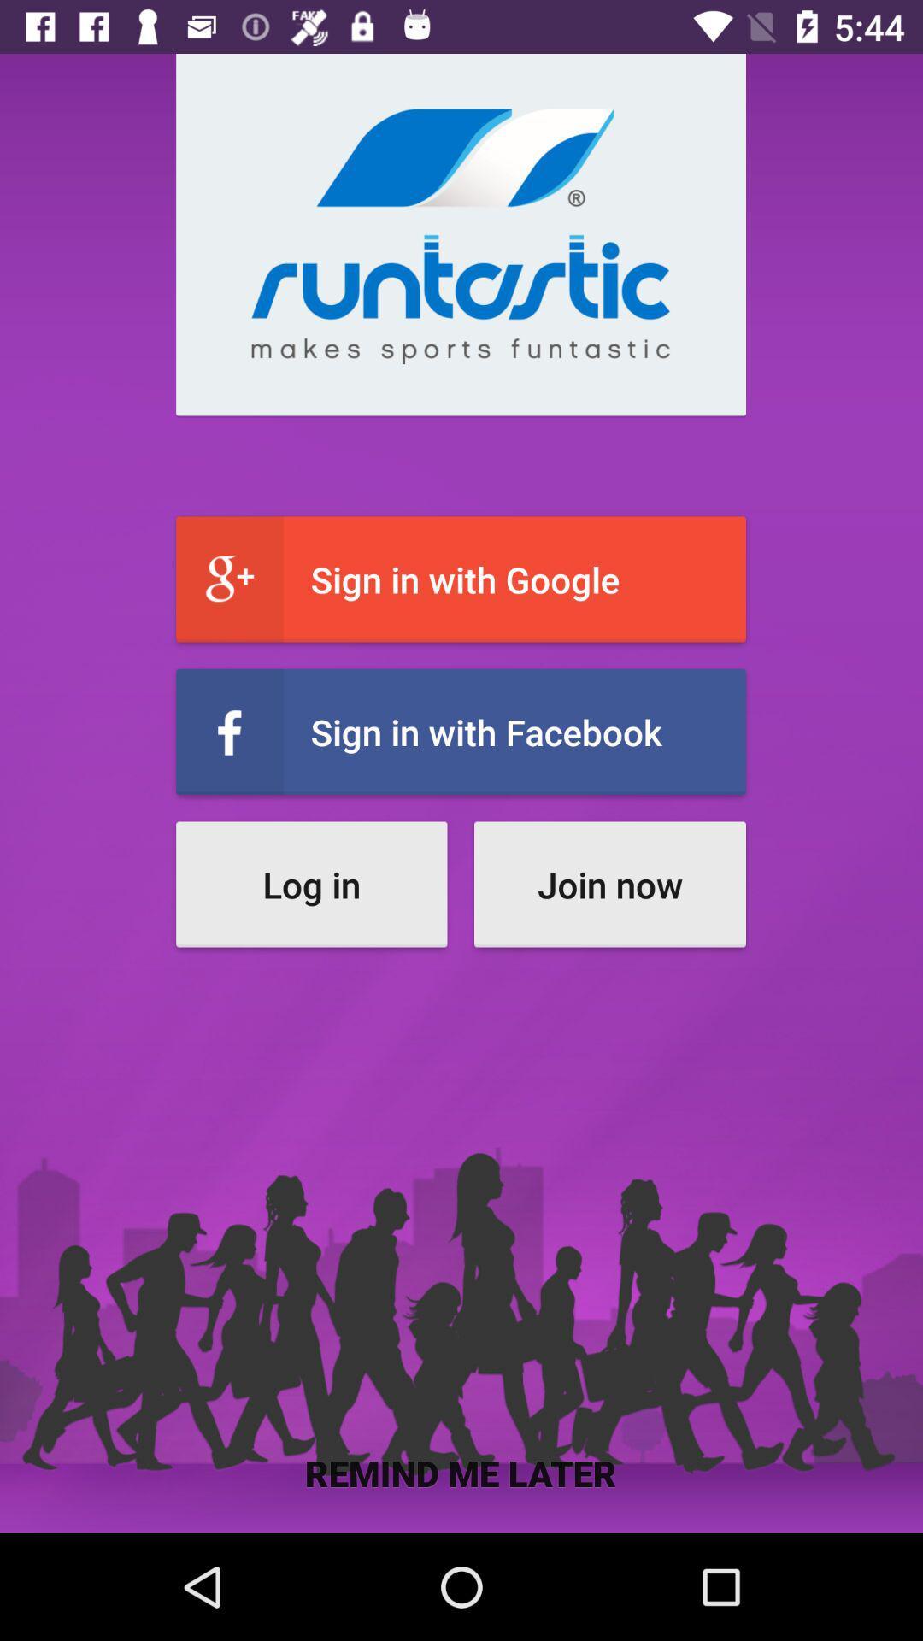 The height and width of the screenshot is (1641, 923). Describe the element at coordinates (311, 885) in the screenshot. I see `the item below the sign in with item` at that location.